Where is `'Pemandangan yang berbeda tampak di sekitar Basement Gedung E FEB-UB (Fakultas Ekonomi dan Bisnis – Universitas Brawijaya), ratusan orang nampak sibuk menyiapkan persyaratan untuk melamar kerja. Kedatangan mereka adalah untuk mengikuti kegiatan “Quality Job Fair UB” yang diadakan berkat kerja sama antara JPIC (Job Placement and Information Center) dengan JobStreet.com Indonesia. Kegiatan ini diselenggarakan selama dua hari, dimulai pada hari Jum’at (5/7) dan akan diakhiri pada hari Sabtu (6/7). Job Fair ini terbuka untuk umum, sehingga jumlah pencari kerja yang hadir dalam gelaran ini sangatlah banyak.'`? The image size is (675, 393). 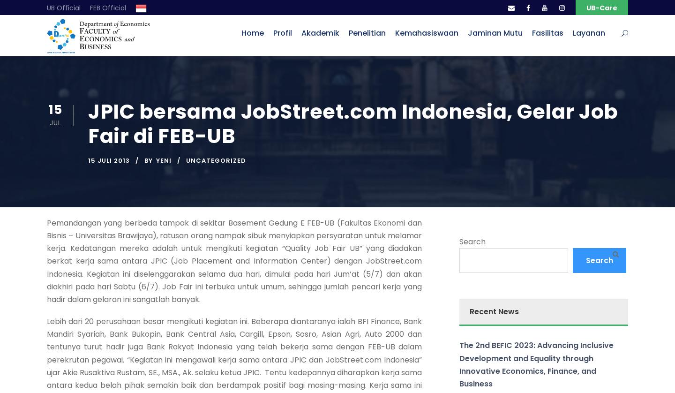
'Pemandangan yang berbeda tampak di sekitar Basement Gedung E FEB-UB (Fakultas Ekonomi dan Bisnis – Universitas Brawijaya), ratusan orang nampak sibuk menyiapkan persyaratan untuk melamar kerja. Kedatangan mereka adalah untuk mengikuti kegiatan “Quality Job Fair UB” yang diadakan berkat kerja sama antara JPIC (Job Placement and Information Center) dengan JobStreet.com Indonesia. Kegiatan ini diselenggarakan selama dua hari, dimulai pada hari Jum’at (5/7) dan akan diakhiri pada hari Sabtu (6/7). Job Fair ini terbuka untuk umum, sehingga jumlah pencari kerja yang hadir dalam gelaran ini sangatlah banyak.' is located at coordinates (233, 261).